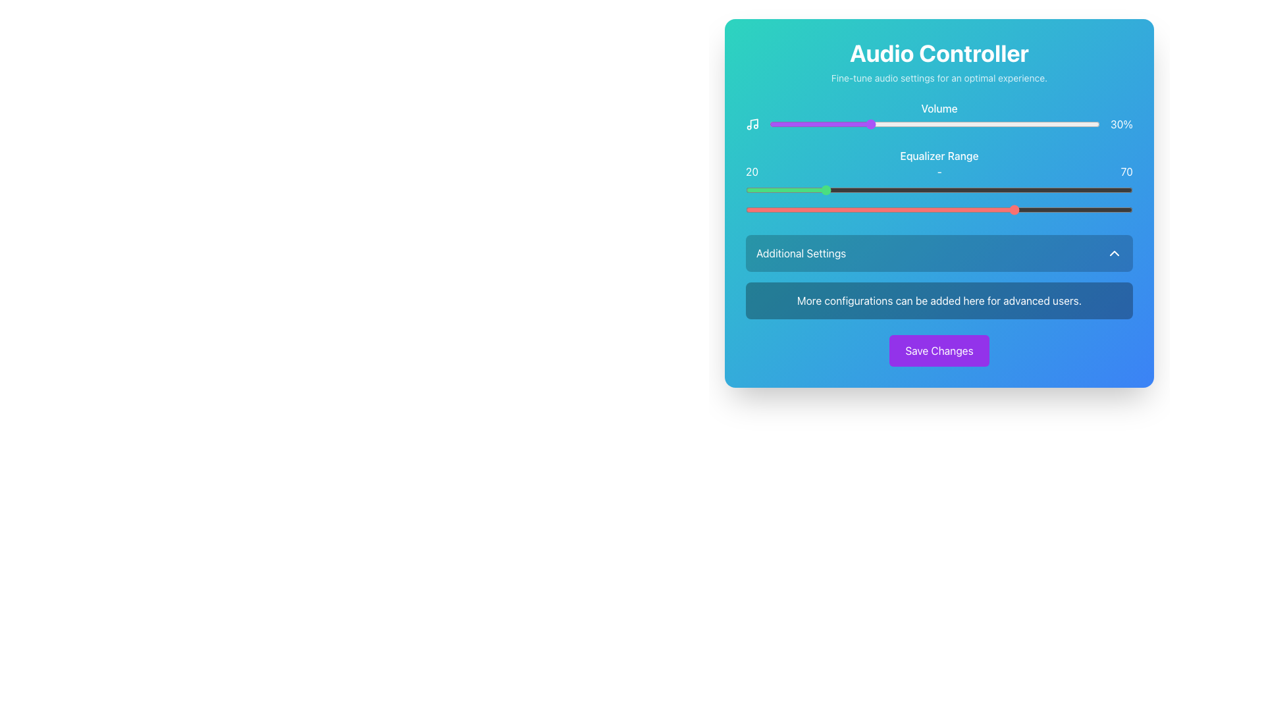 The height and width of the screenshot is (711, 1264). What do you see at coordinates (1086, 209) in the screenshot?
I see `the equalizer range` at bounding box center [1086, 209].